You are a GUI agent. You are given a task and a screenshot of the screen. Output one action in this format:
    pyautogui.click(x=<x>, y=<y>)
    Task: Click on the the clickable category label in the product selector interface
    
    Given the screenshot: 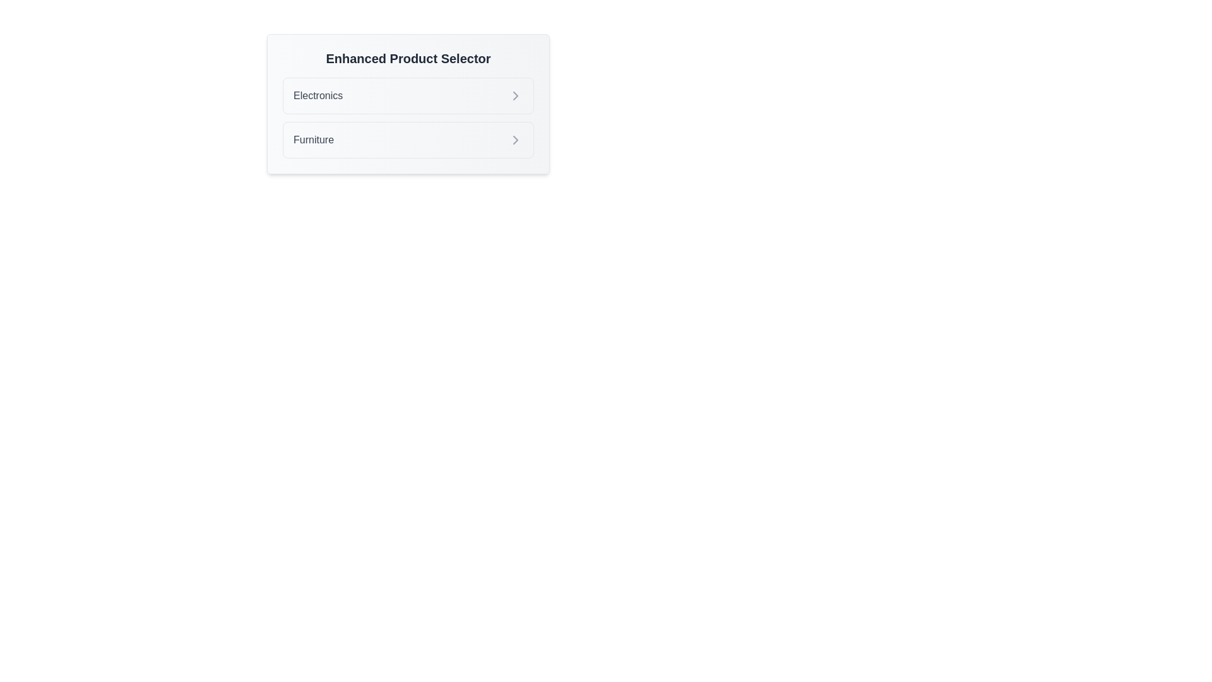 What is the action you would take?
    pyautogui.click(x=318, y=95)
    